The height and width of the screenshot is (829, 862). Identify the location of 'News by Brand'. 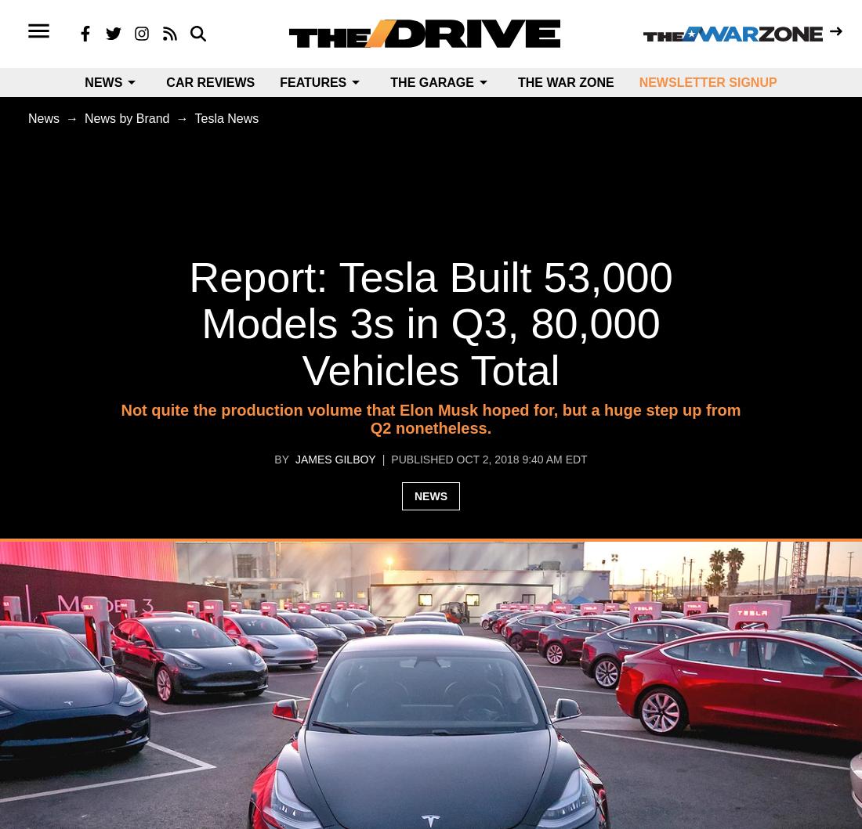
(85, 117).